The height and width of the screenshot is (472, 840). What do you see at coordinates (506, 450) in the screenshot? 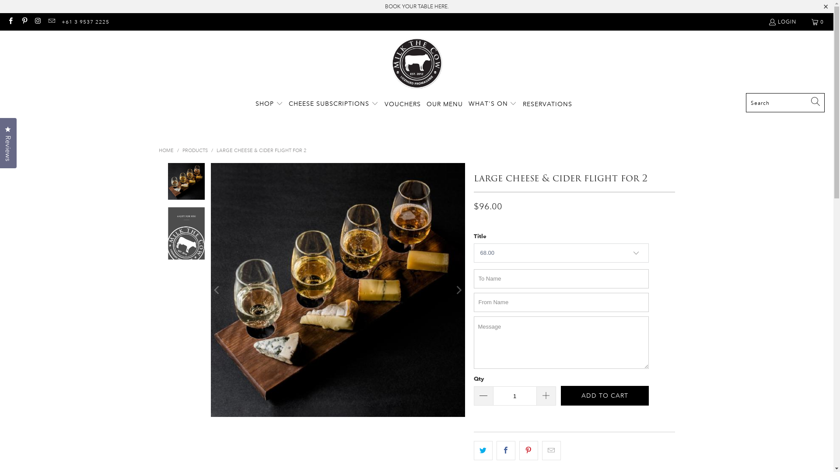
I see `'Share this on Facebook'` at bounding box center [506, 450].